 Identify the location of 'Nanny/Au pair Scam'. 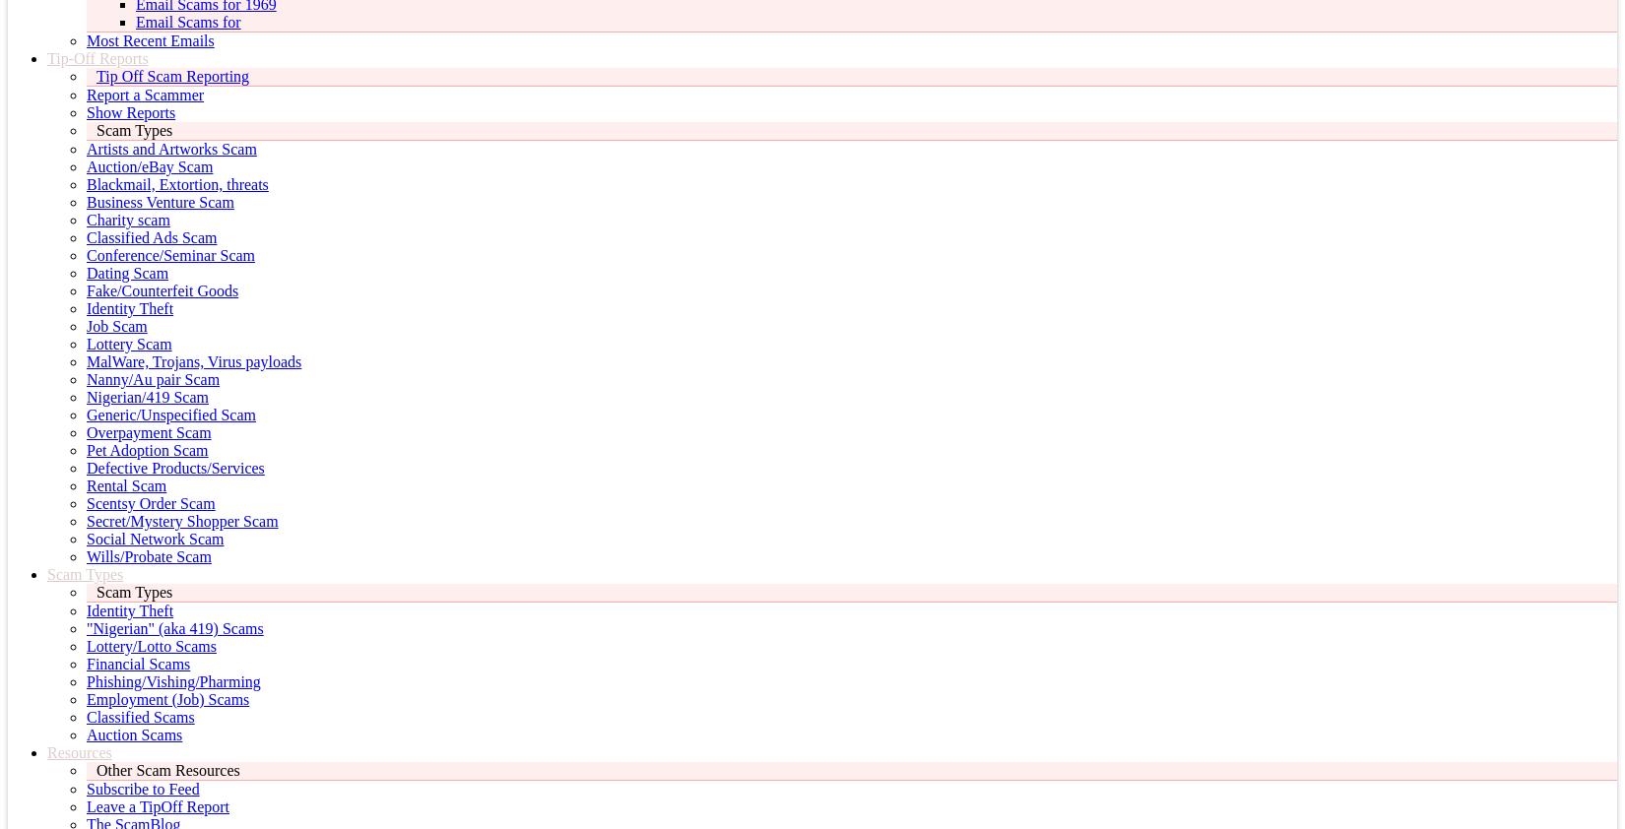
(153, 379).